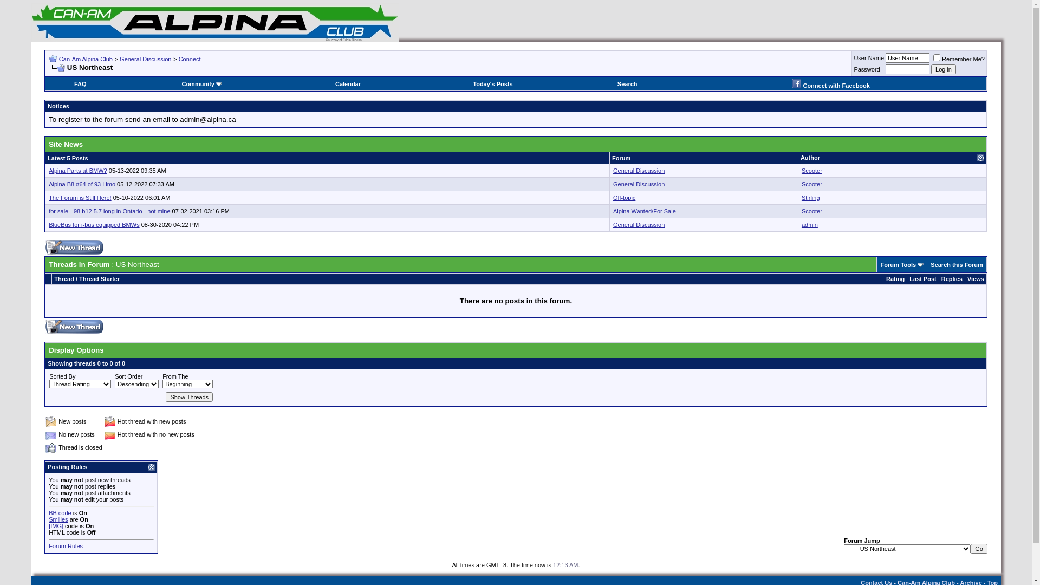 The width and height of the screenshot is (1040, 585). Describe the element at coordinates (979, 549) in the screenshot. I see `'Go'` at that location.